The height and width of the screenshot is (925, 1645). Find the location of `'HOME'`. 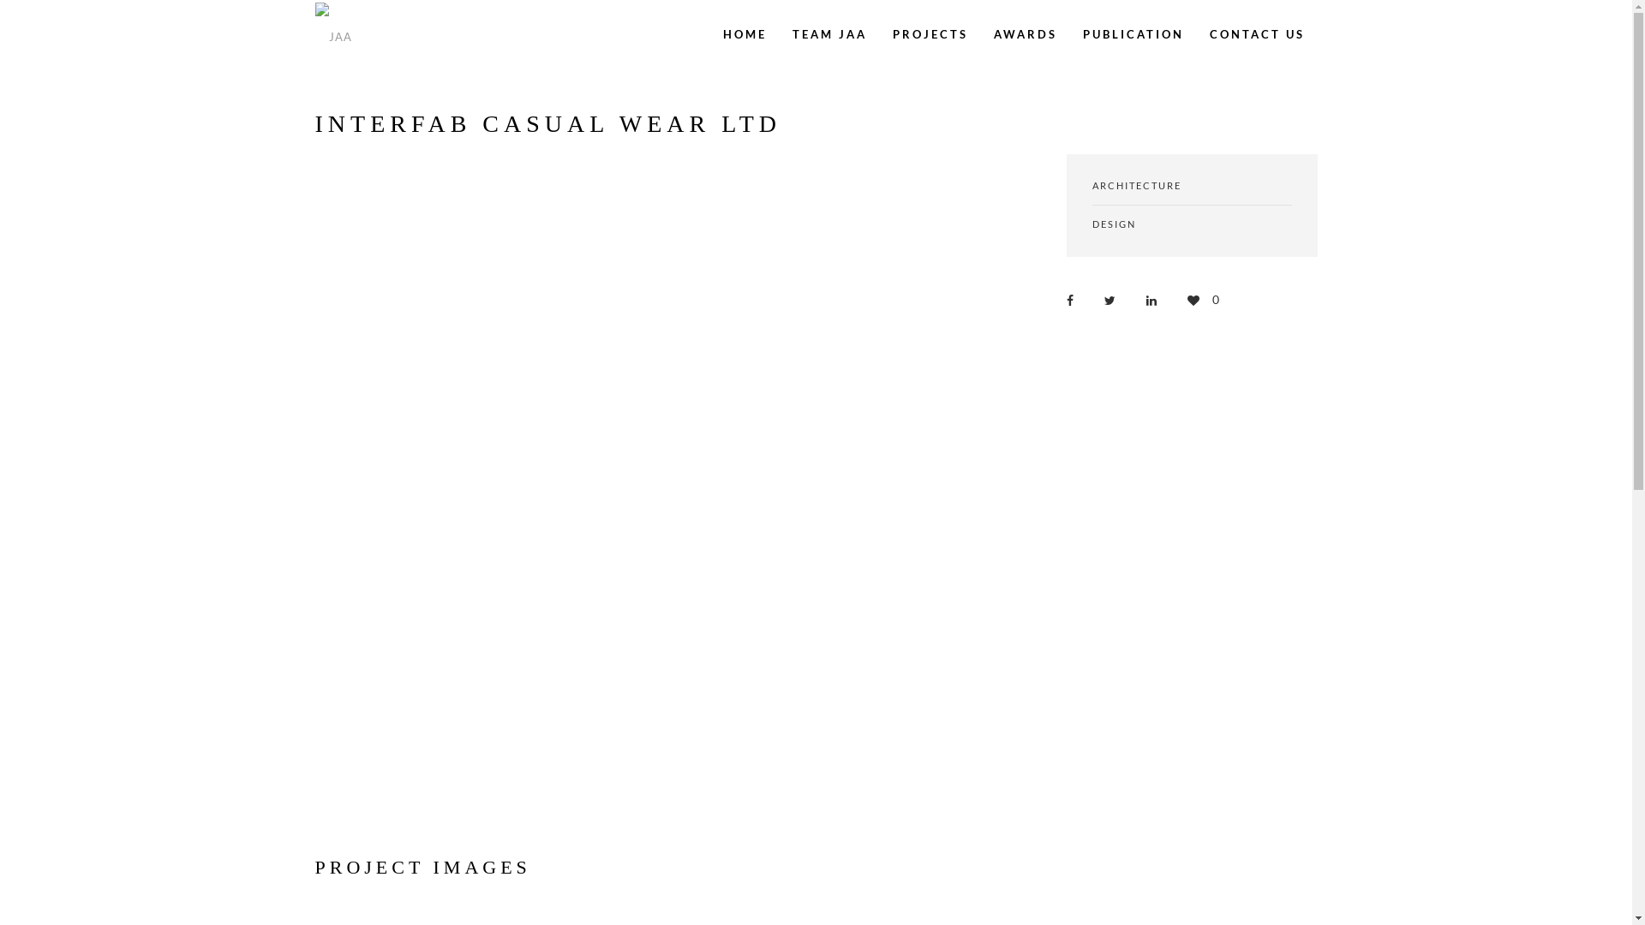

'HOME' is located at coordinates (744, 33).